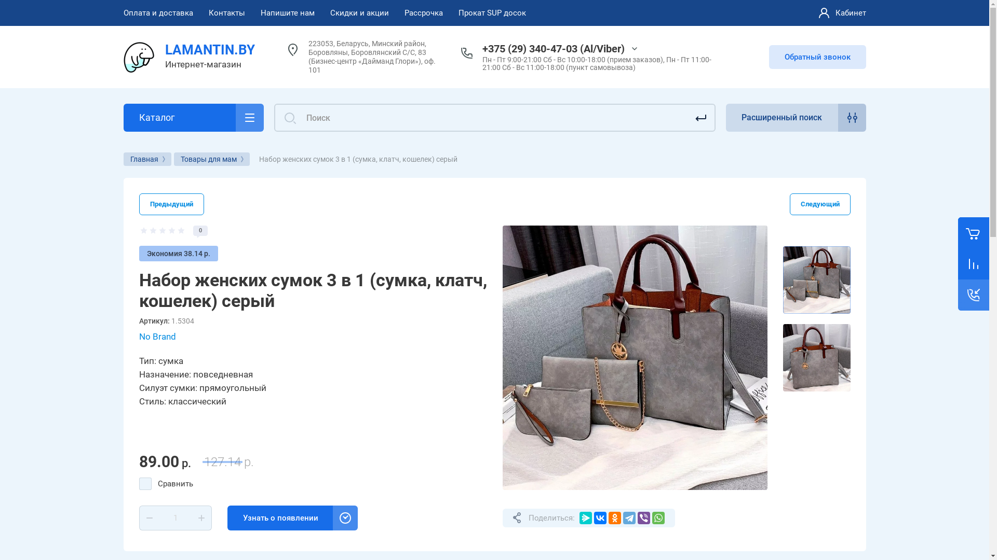 The width and height of the screenshot is (997, 560). What do you see at coordinates (657, 518) in the screenshot?
I see `'WhatsApp'` at bounding box center [657, 518].